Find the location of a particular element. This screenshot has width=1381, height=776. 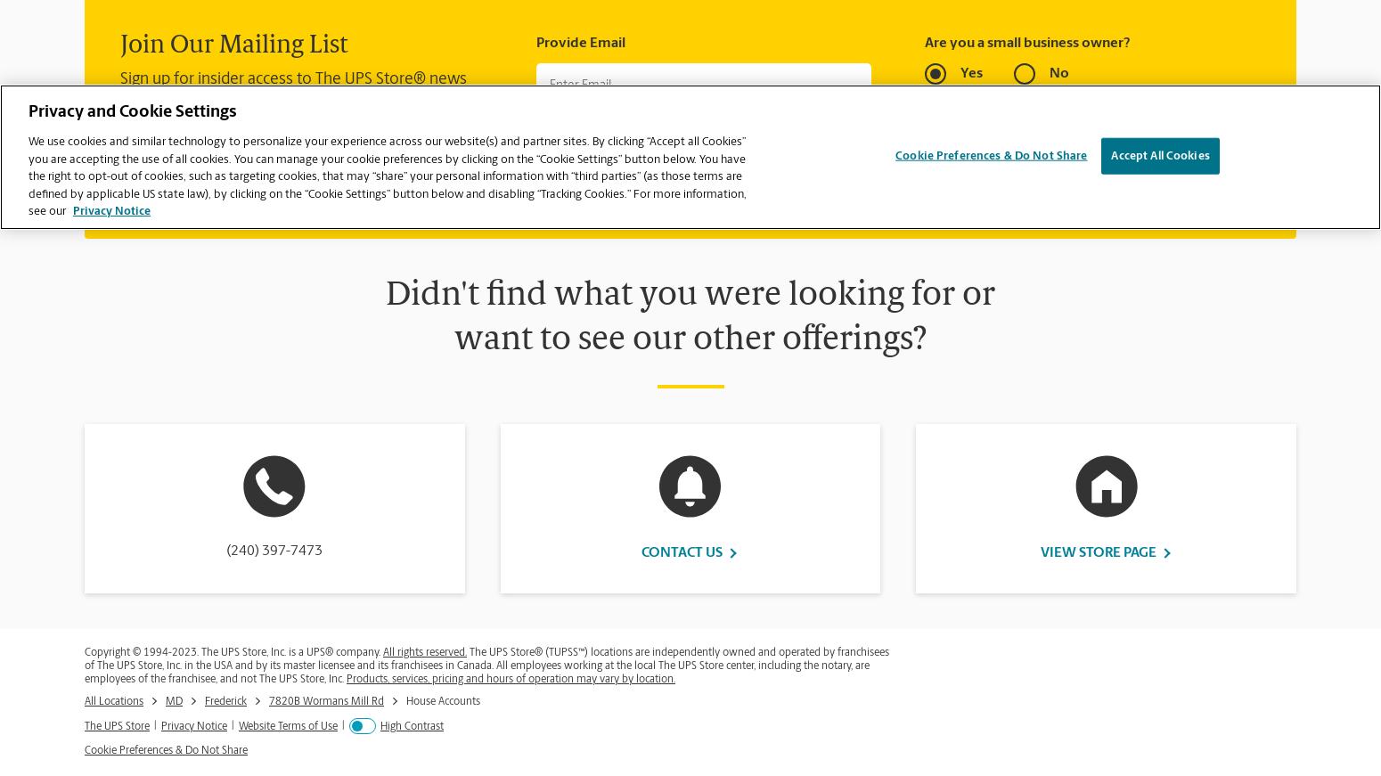

'The UPS Store' is located at coordinates (117, 725).